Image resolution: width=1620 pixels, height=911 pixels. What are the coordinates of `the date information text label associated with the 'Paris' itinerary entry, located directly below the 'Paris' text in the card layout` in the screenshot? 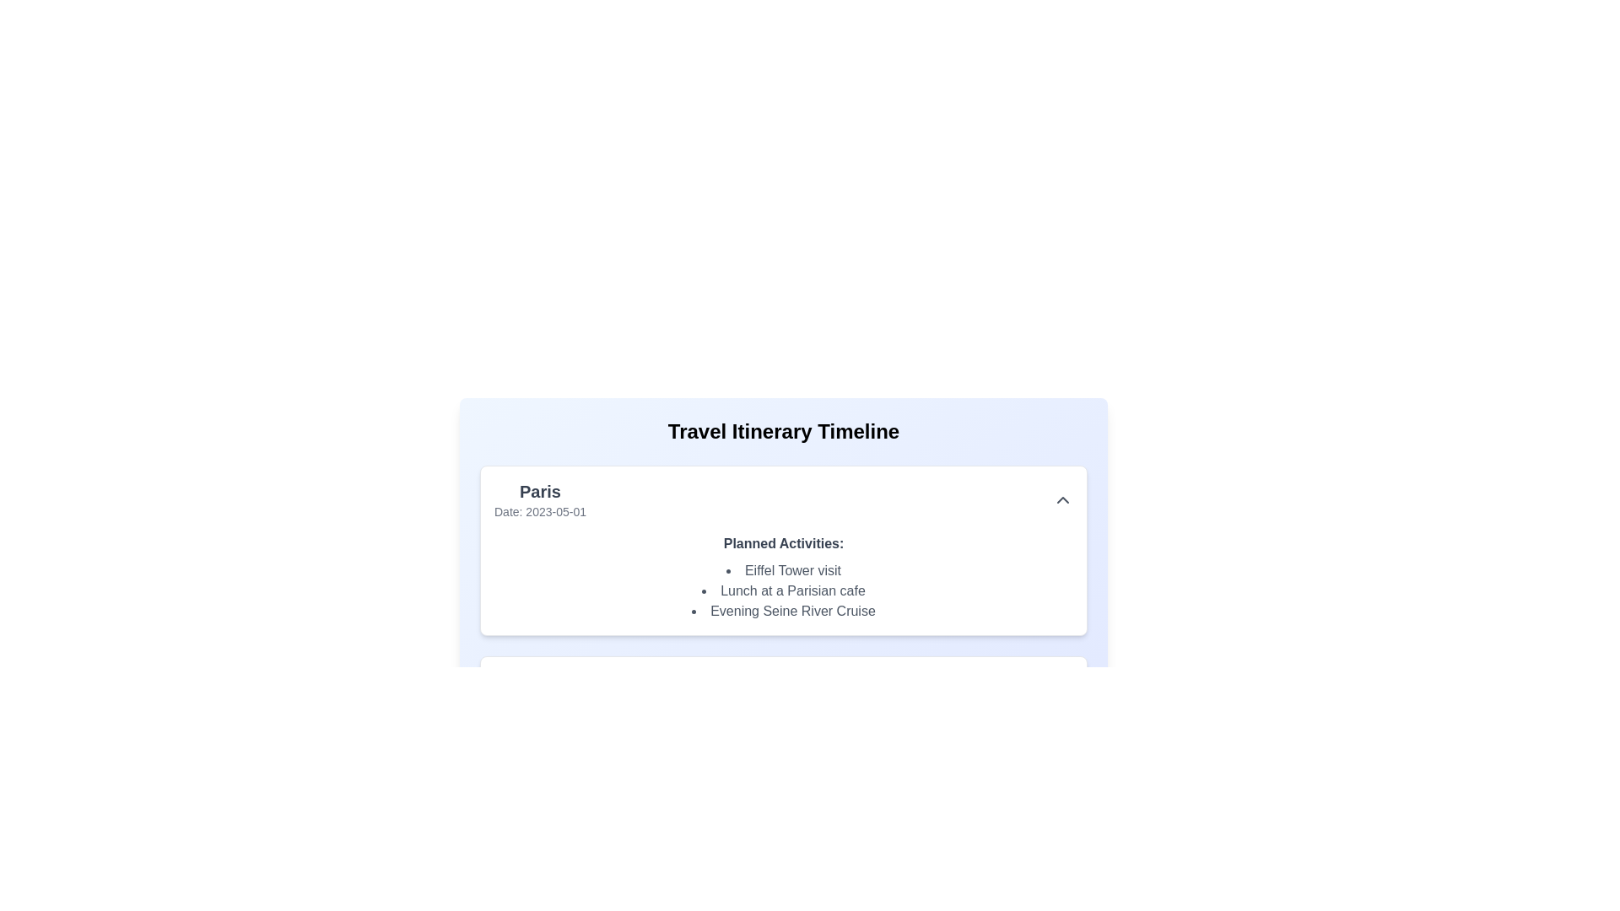 It's located at (540, 510).